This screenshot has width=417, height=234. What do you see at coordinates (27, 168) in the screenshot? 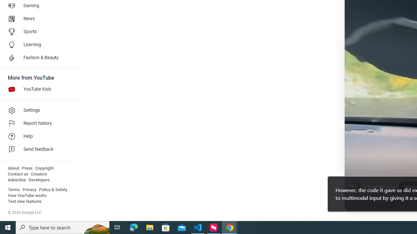
I see `'Press'` at bounding box center [27, 168].